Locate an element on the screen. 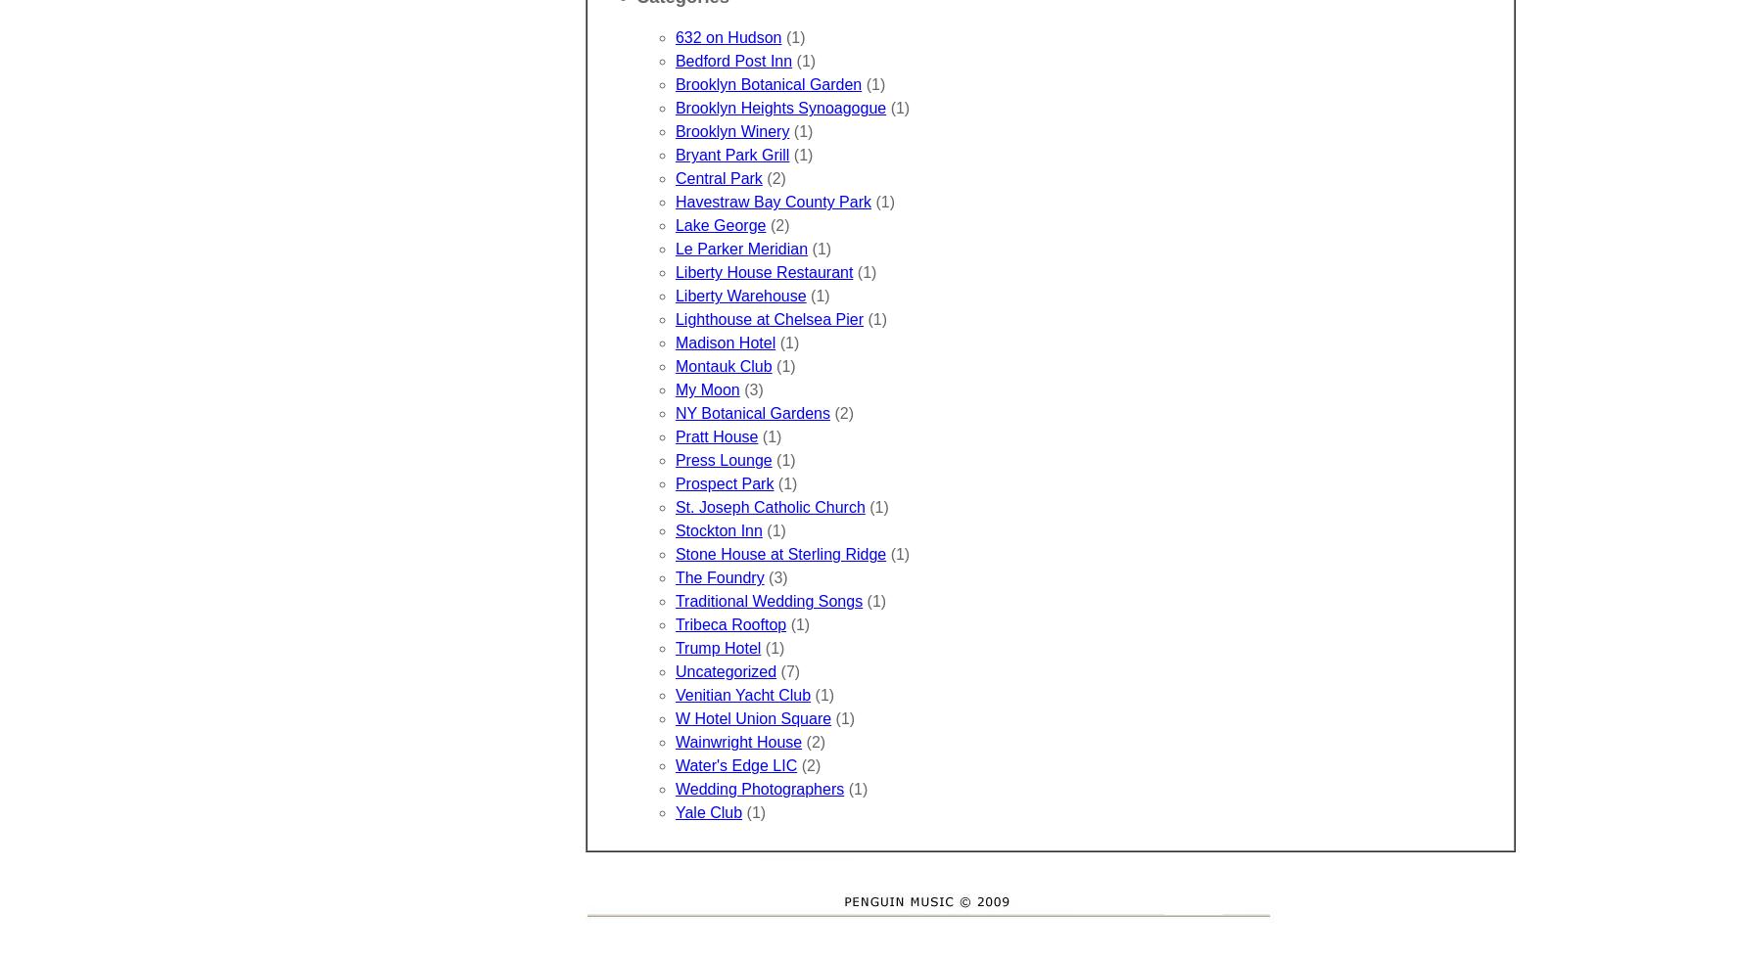 This screenshot has width=1738, height=959. 'Madison Hotel' is located at coordinates (725, 342).